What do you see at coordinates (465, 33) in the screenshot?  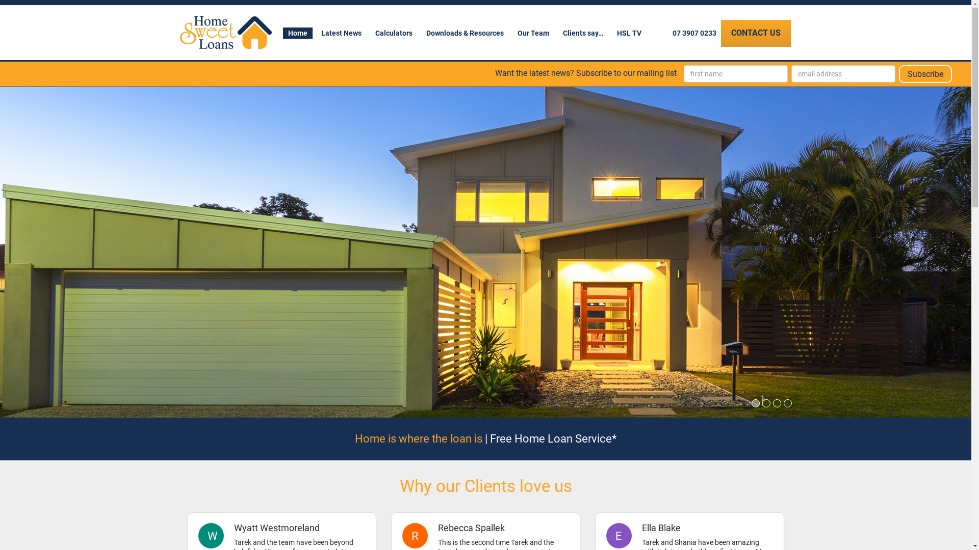 I see `'Downloads & Resources'` at bounding box center [465, 33].